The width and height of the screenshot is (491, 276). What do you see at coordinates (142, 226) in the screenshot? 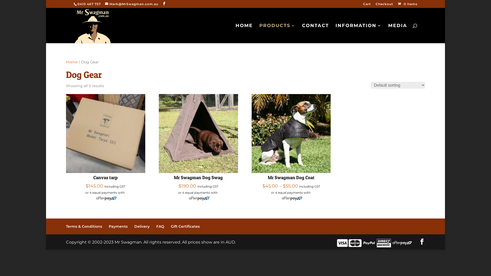
I see `'Delivery'` at bounding box center [142, 226].